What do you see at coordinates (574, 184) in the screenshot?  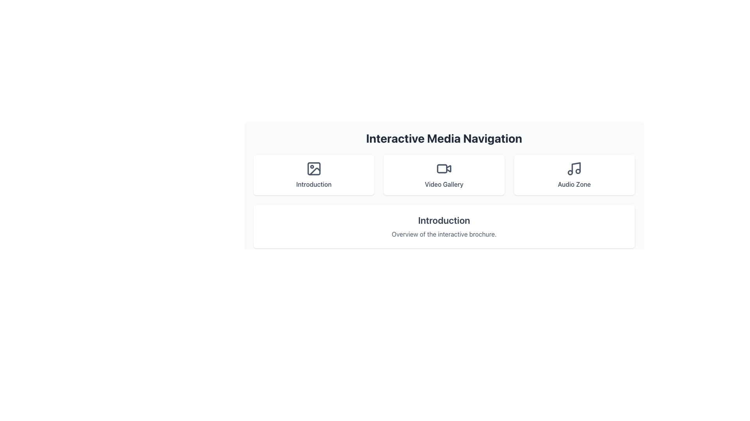 I see `the Static text label that displays 'Audio Zone', which is styled with a medium weight font and gray color, located below a music note icon in the third column of the grid` at bounding box center [574, 184].